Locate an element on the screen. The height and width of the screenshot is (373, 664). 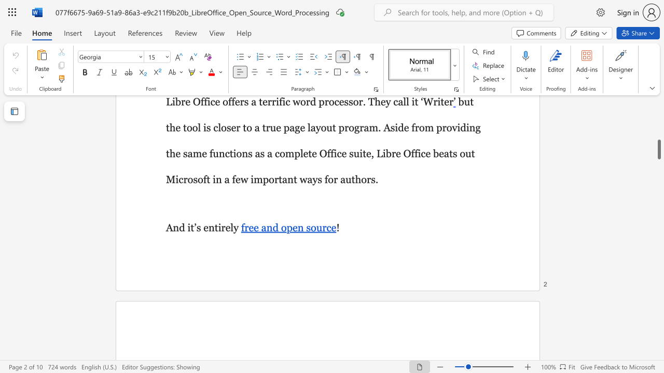
the 14th character "t" in the text is located at coordinates (280, 179).